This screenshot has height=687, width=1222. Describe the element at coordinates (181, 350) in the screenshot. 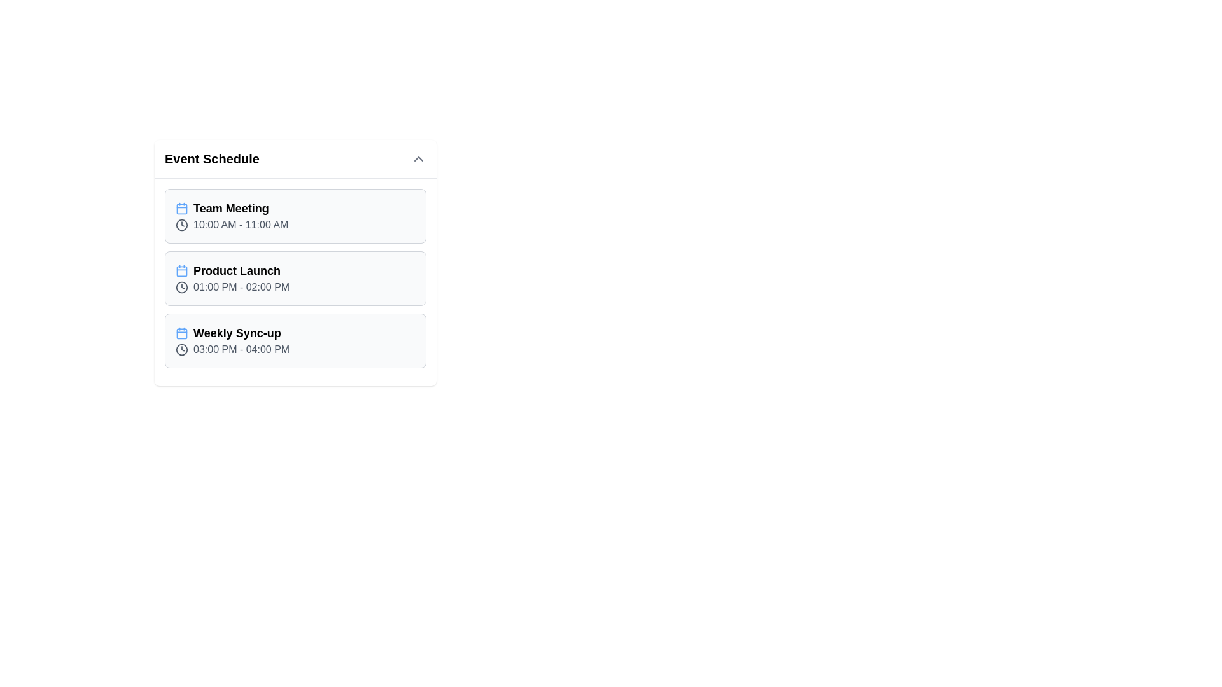

I see `the small SVG clock icon located within the 'Weekly Sync-up' event row, to the left of the time range '03:00 PM - 04:00 PM'` at that location.